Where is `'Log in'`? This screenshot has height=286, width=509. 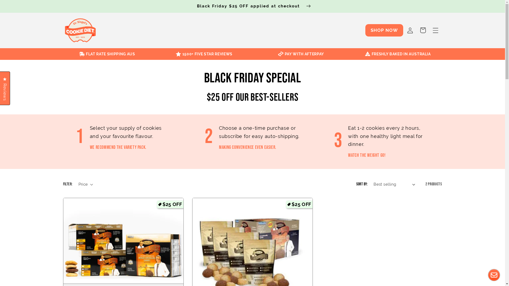 'Log in' is located at coordinates (409, 30).